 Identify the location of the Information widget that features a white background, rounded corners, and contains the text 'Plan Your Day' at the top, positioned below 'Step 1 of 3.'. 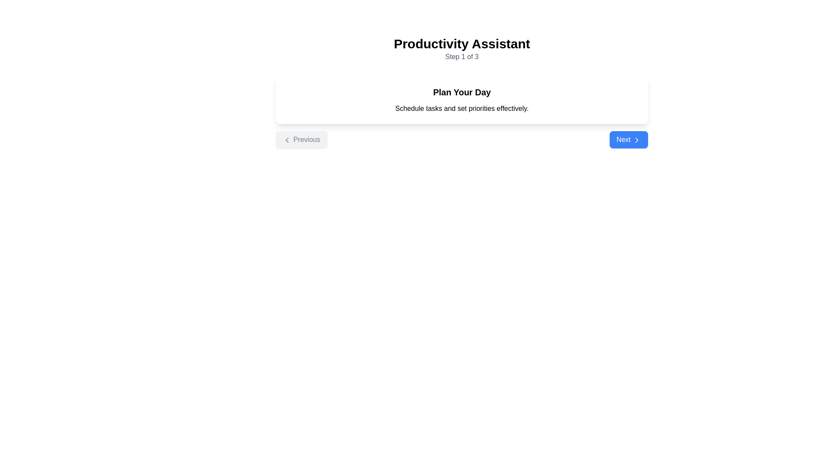
(462, 99).